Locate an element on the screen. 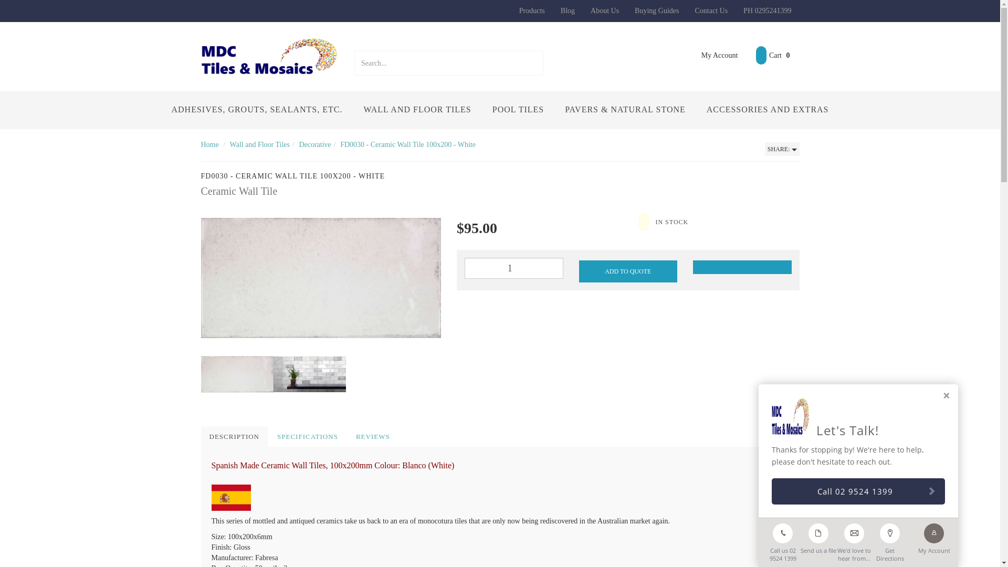  'ACCESSORIES AND EXTRAS' is located at coordinates (768, 110).